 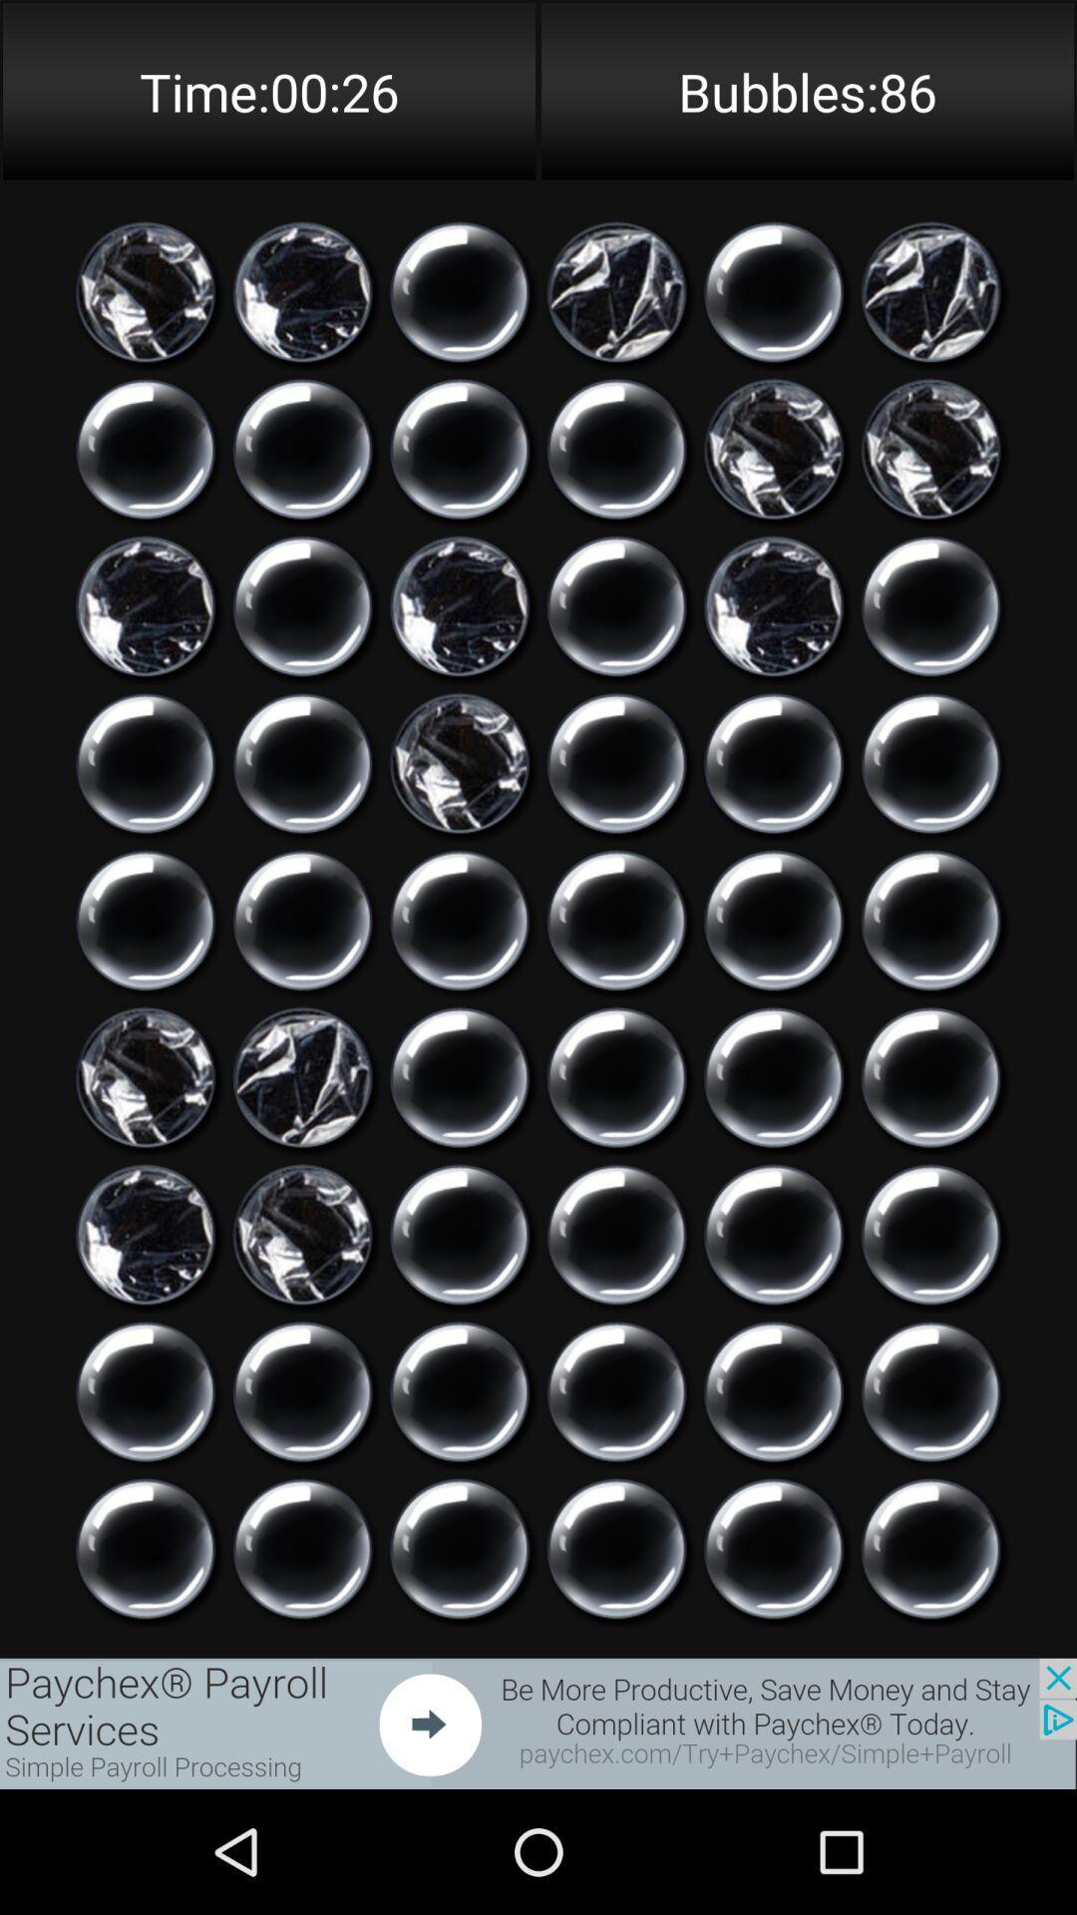 What do you see at coordinates (615, 920) in the screenshot?
I see `pop this bubble` at bounding box center [615, 920].